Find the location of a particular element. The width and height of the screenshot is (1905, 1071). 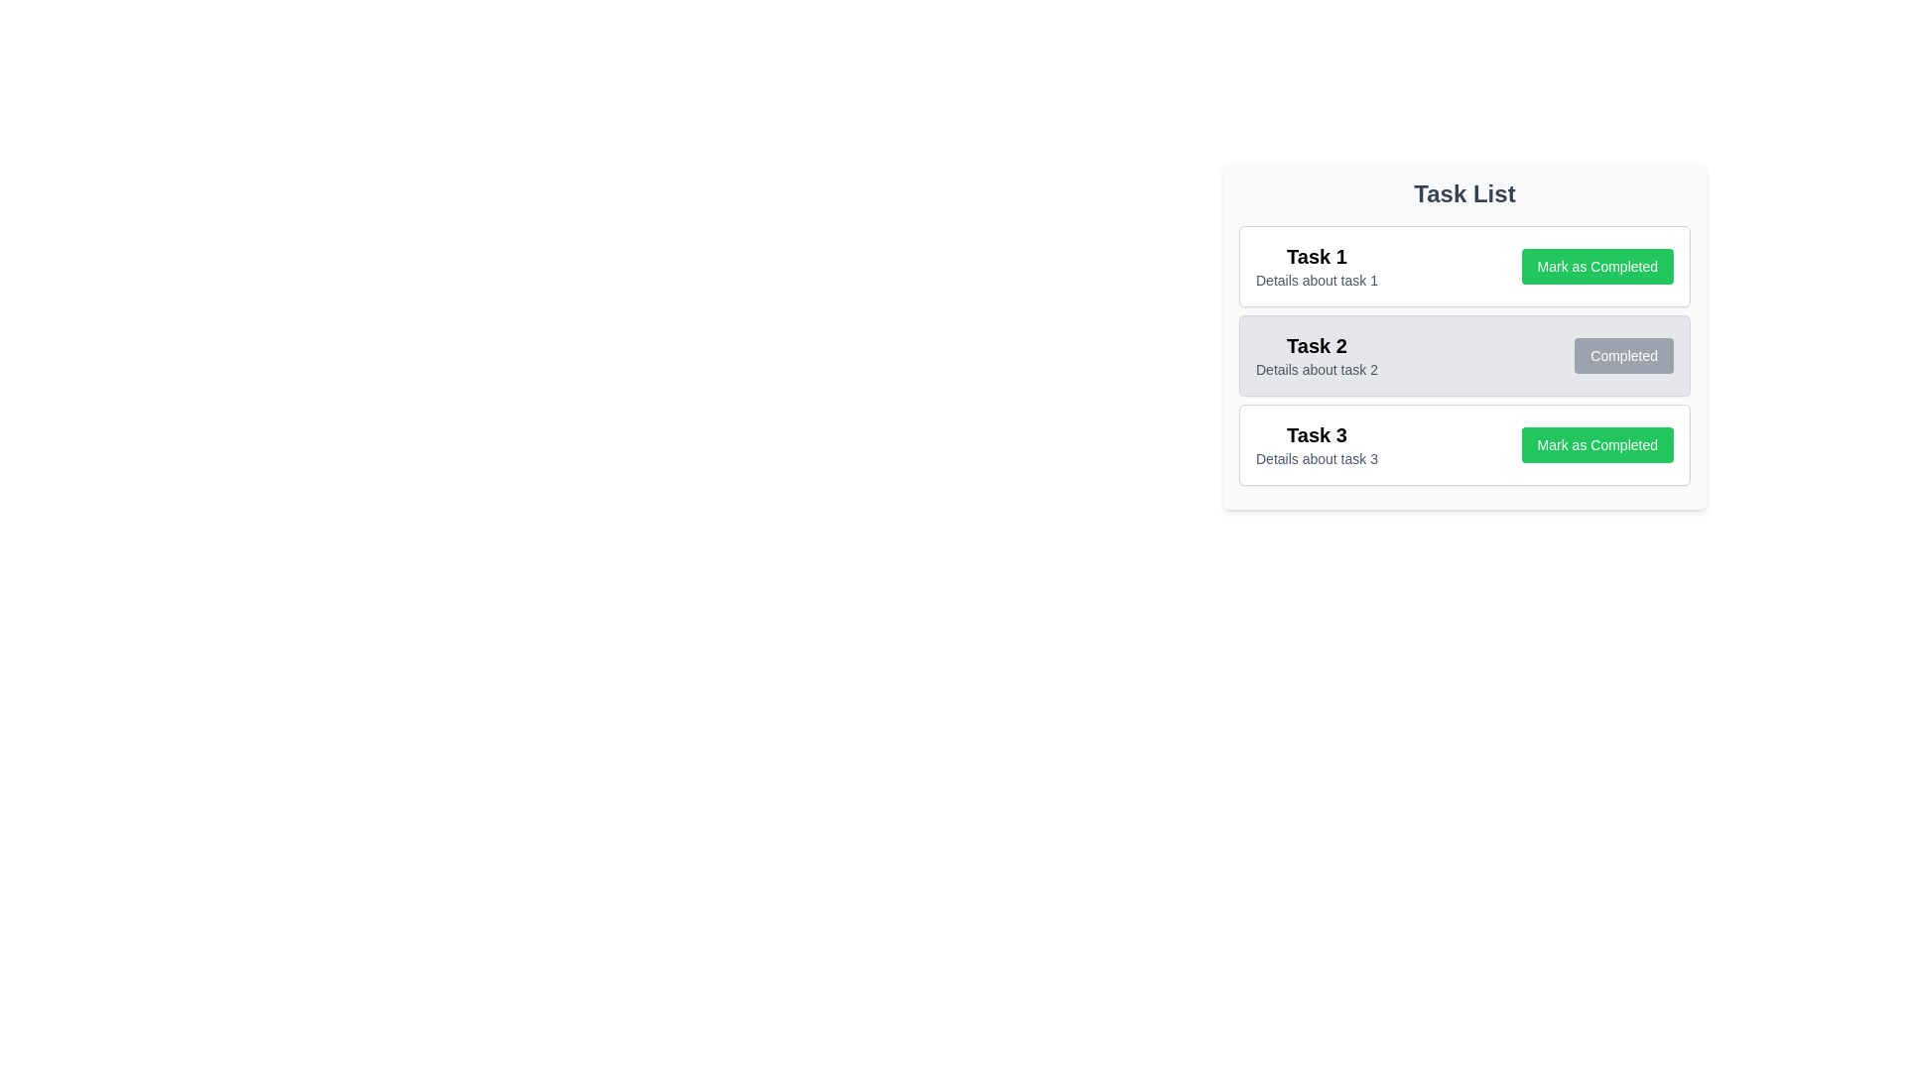

the static text element displaying the title 'Task 2' and the description 'Details about task 2' located in the second row of the task list panel is located at coordinates (1317, 354).